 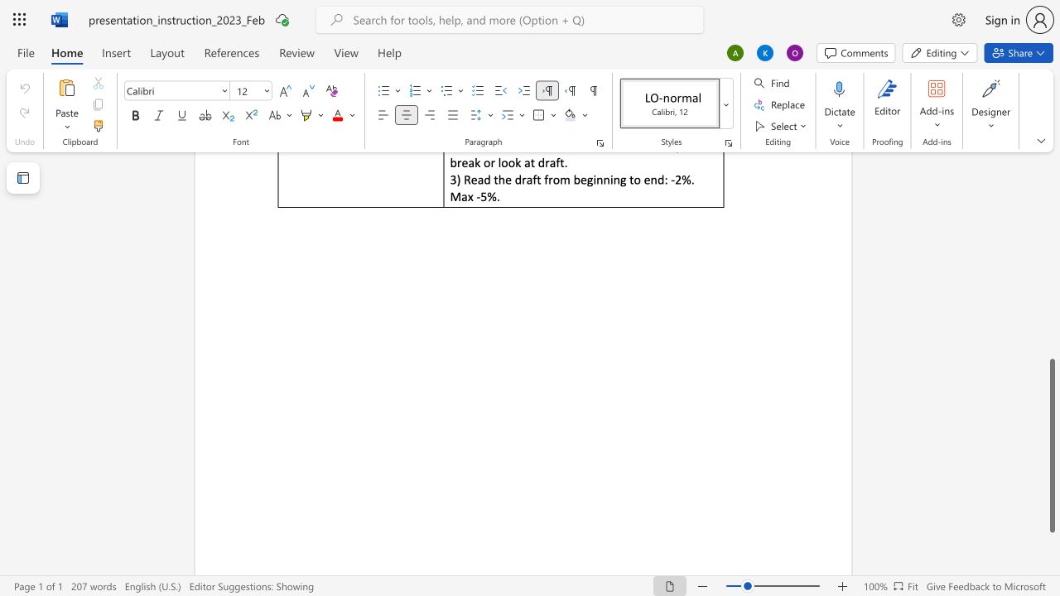 I want to click on the scrollbar, so click(x=1051, y=272).